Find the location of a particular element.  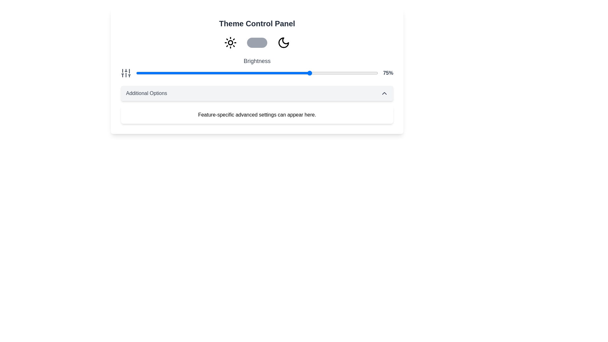

the brightness level is located at coordinates (184, 73).